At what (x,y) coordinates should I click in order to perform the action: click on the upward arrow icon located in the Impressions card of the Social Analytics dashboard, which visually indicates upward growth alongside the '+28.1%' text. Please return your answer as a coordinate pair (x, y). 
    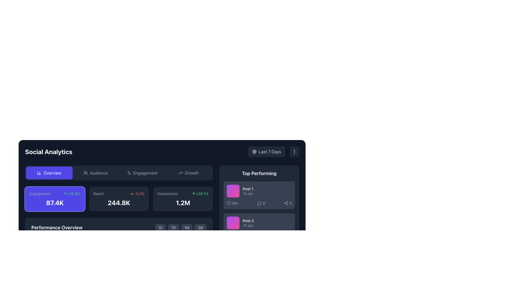
    Looking at the image, I should click on (193, 194).